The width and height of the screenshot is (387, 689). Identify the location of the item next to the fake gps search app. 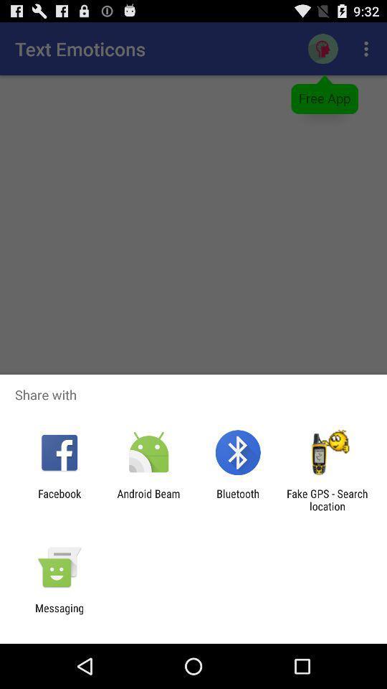
(238, 500).